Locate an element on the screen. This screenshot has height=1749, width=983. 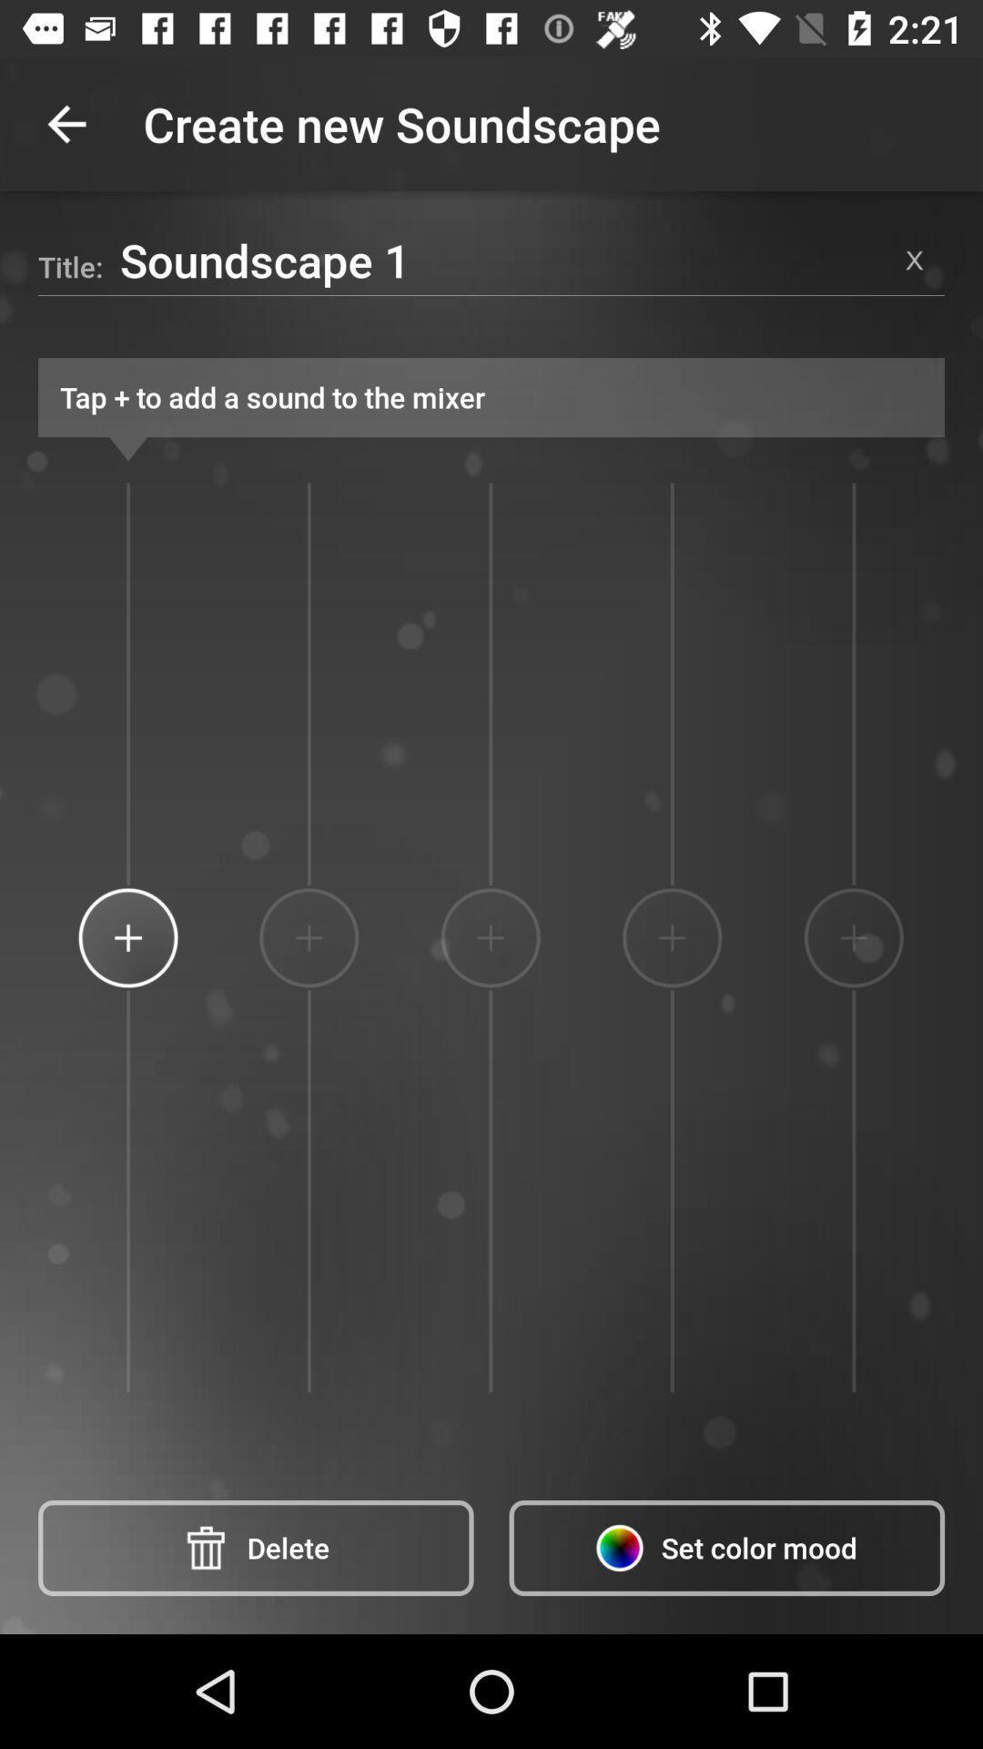
icon above delete icon is located at coordinates (127, 937).